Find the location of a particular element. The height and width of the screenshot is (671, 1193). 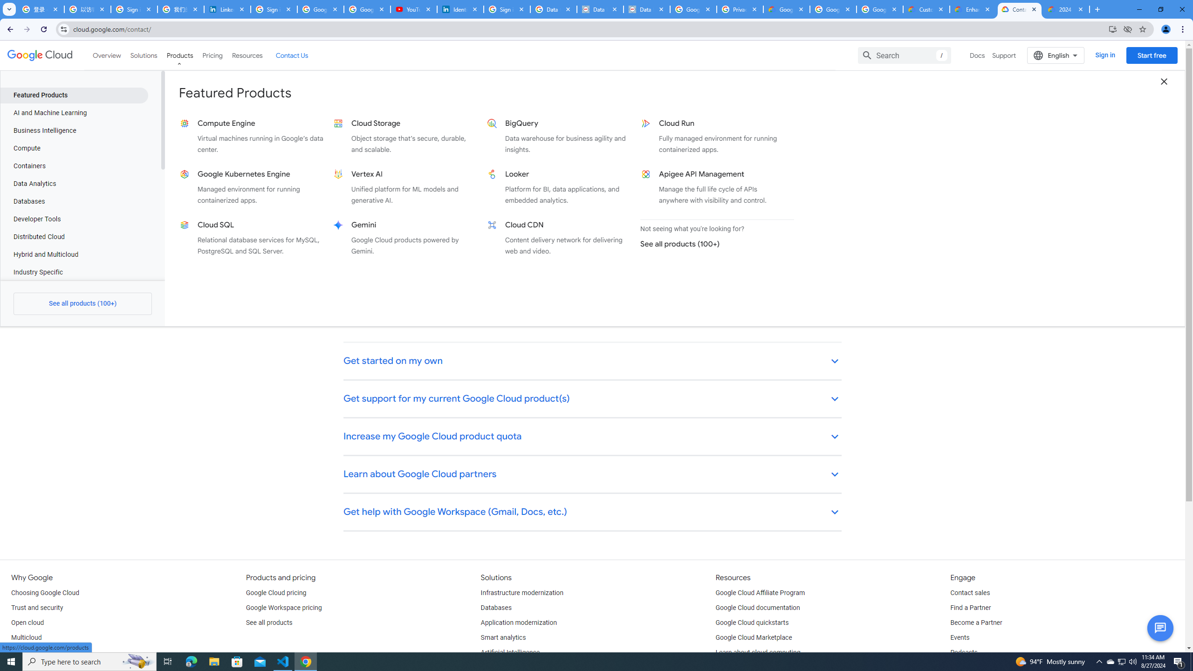

'Compute' is located at coordinates (74, 148).